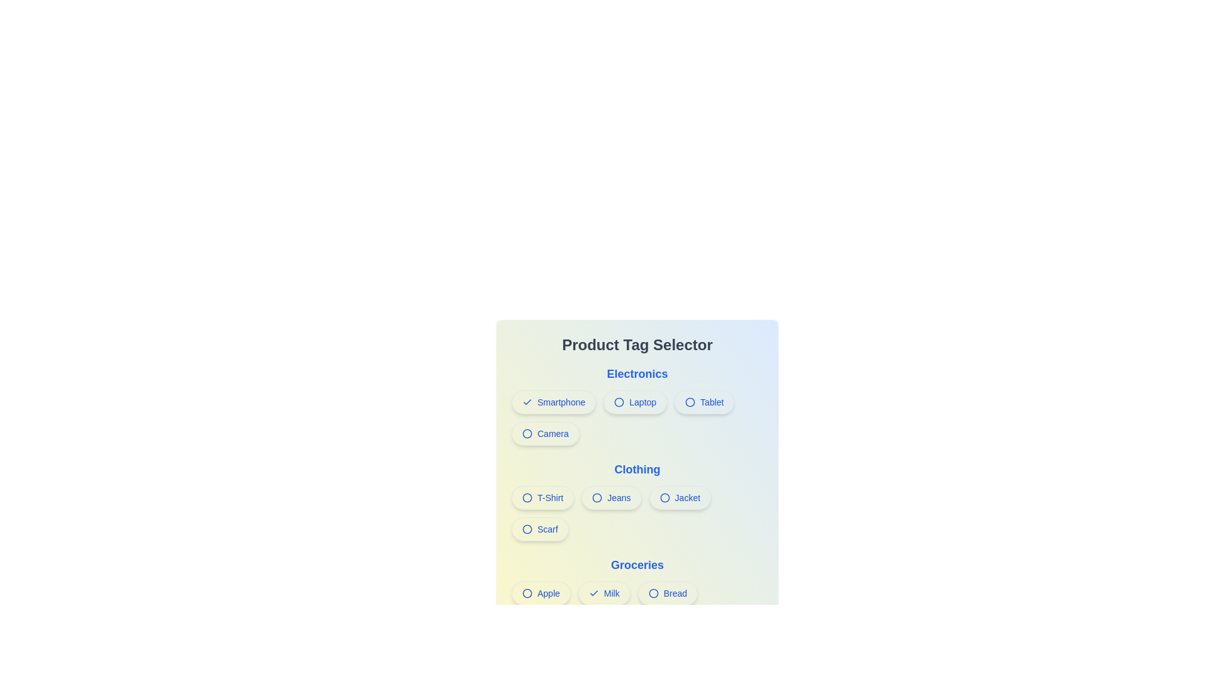 This screenshot has height=679, width=1207. Describe the element at coordinates (637, 608) in the screenshot. I see `the 'Milk' button in the Button Group located beneath the 'Groceries' section` at that location.